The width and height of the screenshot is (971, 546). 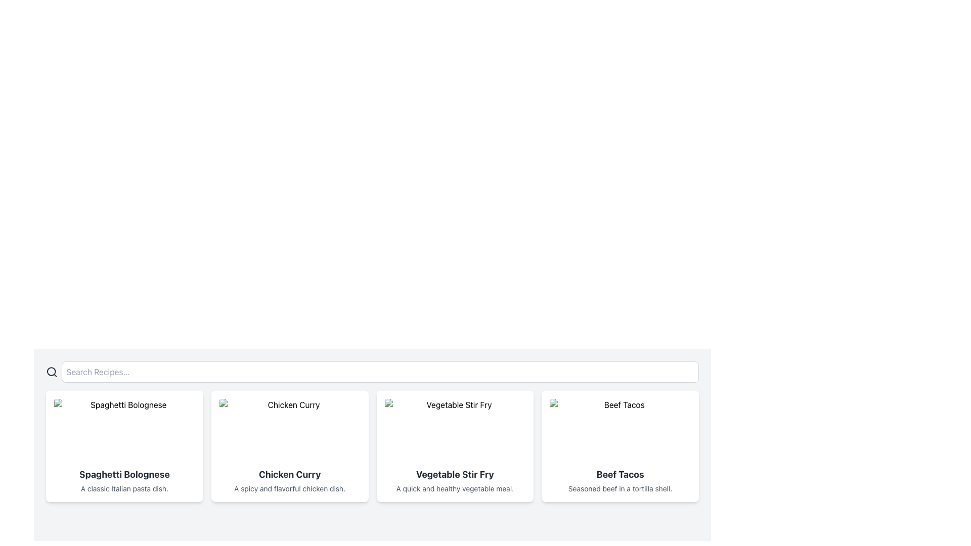 What do you see at coordinates (454, 488) in the screenshot?
I see `the static text displaying 'A quick and healthy vegetable meal.' located at the bottom-center of the card layout under the title 'Vegetable Stir Fry'` at bounding box center [454, 488].